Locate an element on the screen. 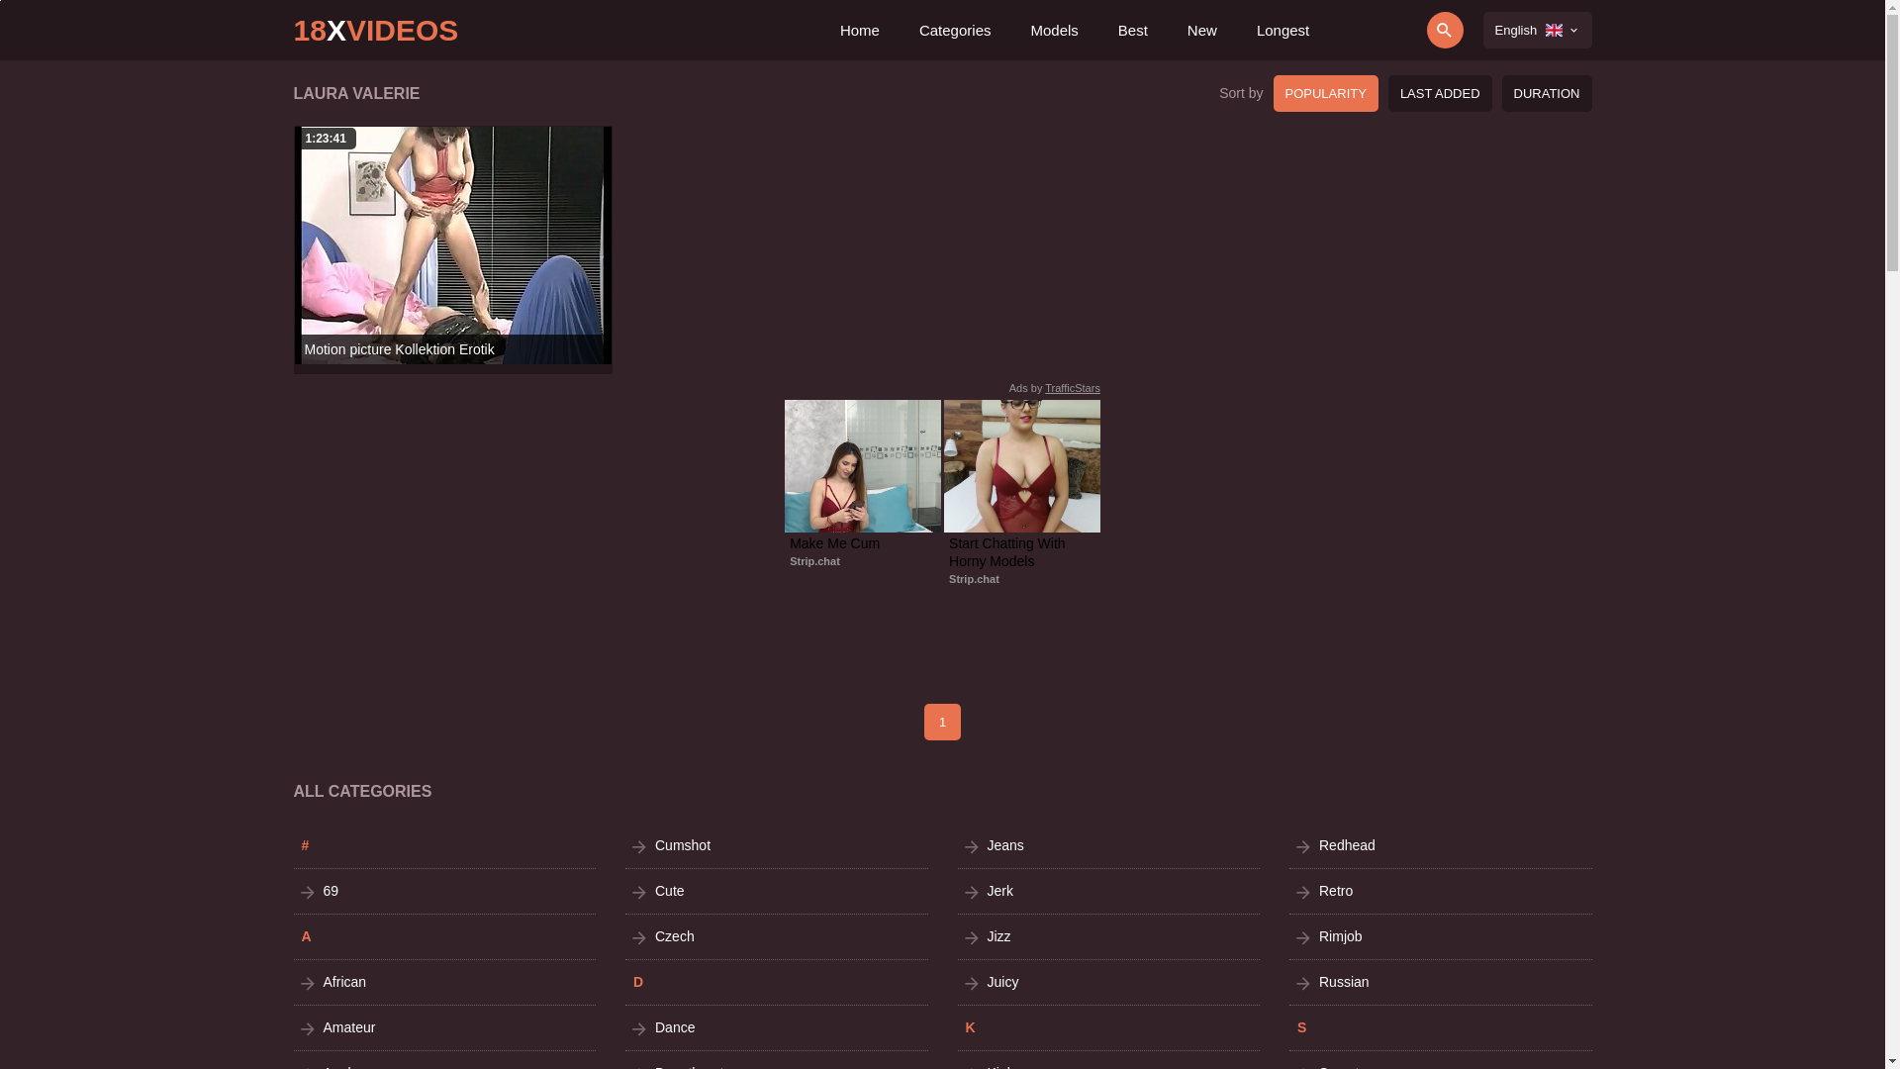  'Rimjob' is located at coordinates (1440, 935).